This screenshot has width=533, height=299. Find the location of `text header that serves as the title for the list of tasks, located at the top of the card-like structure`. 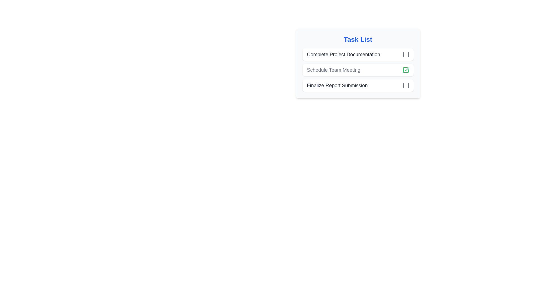

text header that serves as the title for the list of tasks, located at the top of the card-like structure is located at coordinates (358, 39).